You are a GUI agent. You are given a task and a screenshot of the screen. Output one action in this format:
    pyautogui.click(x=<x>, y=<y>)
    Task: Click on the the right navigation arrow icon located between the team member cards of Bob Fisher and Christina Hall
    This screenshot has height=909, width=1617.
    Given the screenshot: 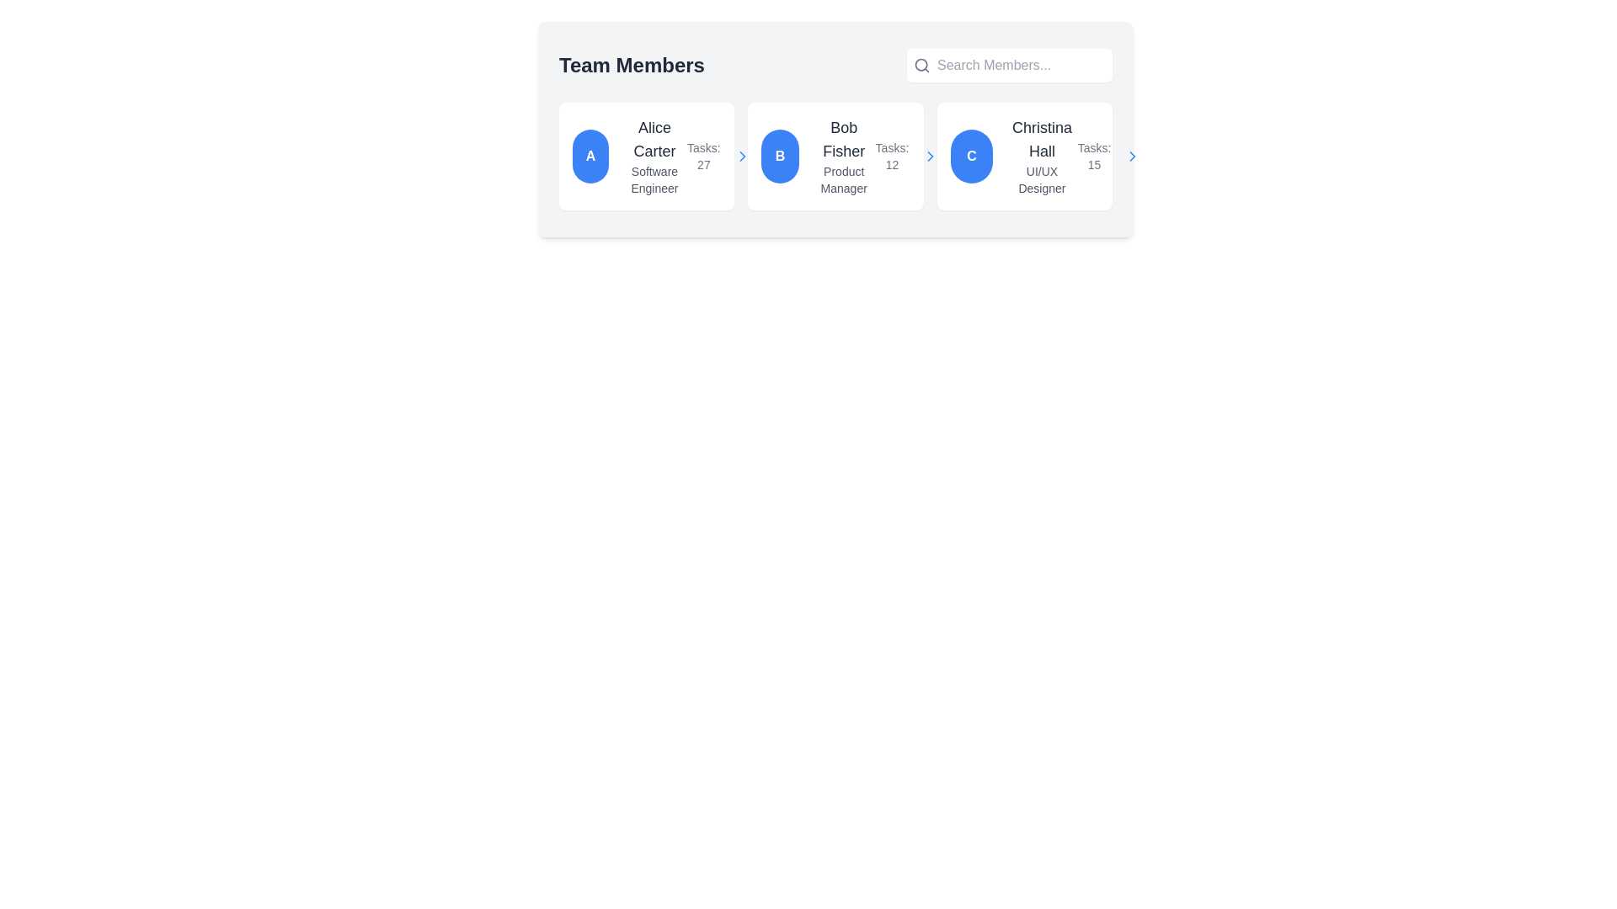 What is the action you would take?
    pyautogui.click(x=930, y=156)
    